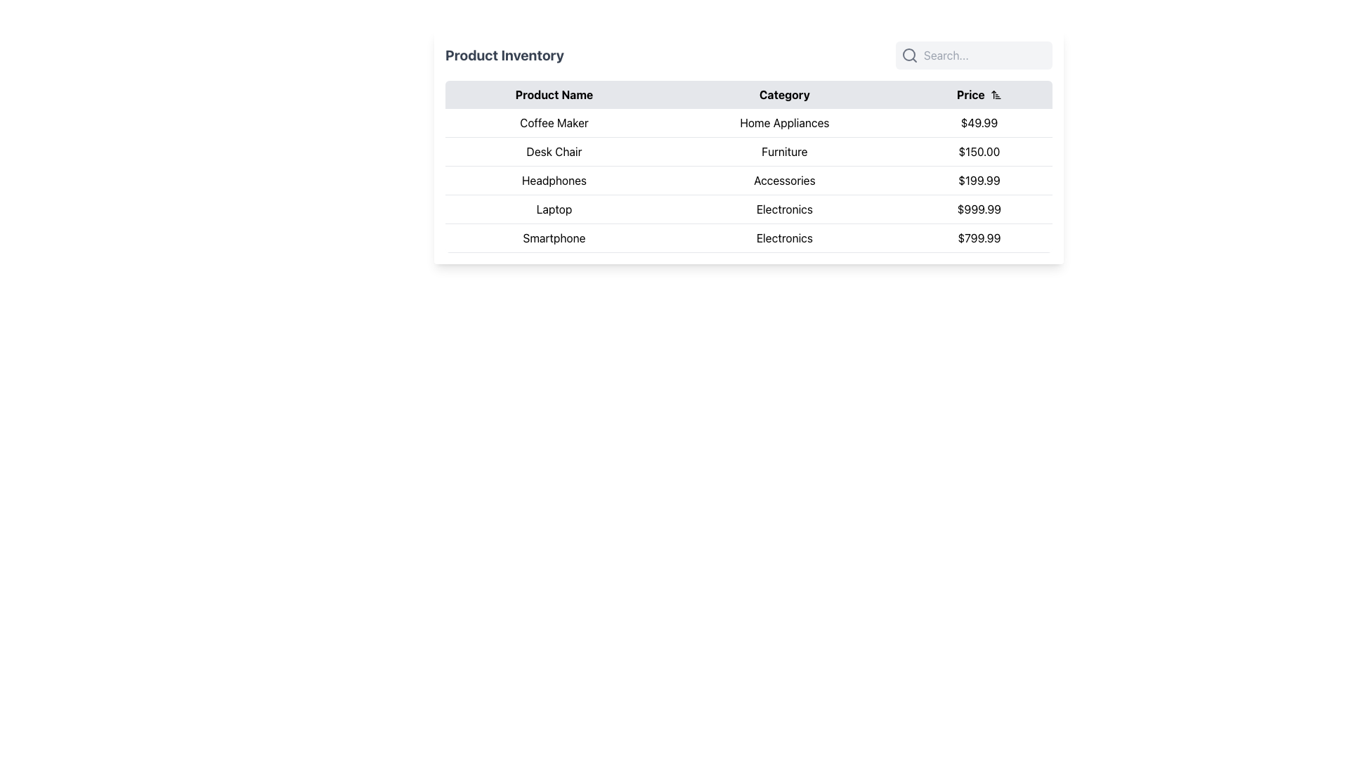 The width and height of the screenshot is (1349, 759). I want to click on the 'Electronics' text label indicating the category for the 'Laptop' product in the inventory table, so click(783, 209).